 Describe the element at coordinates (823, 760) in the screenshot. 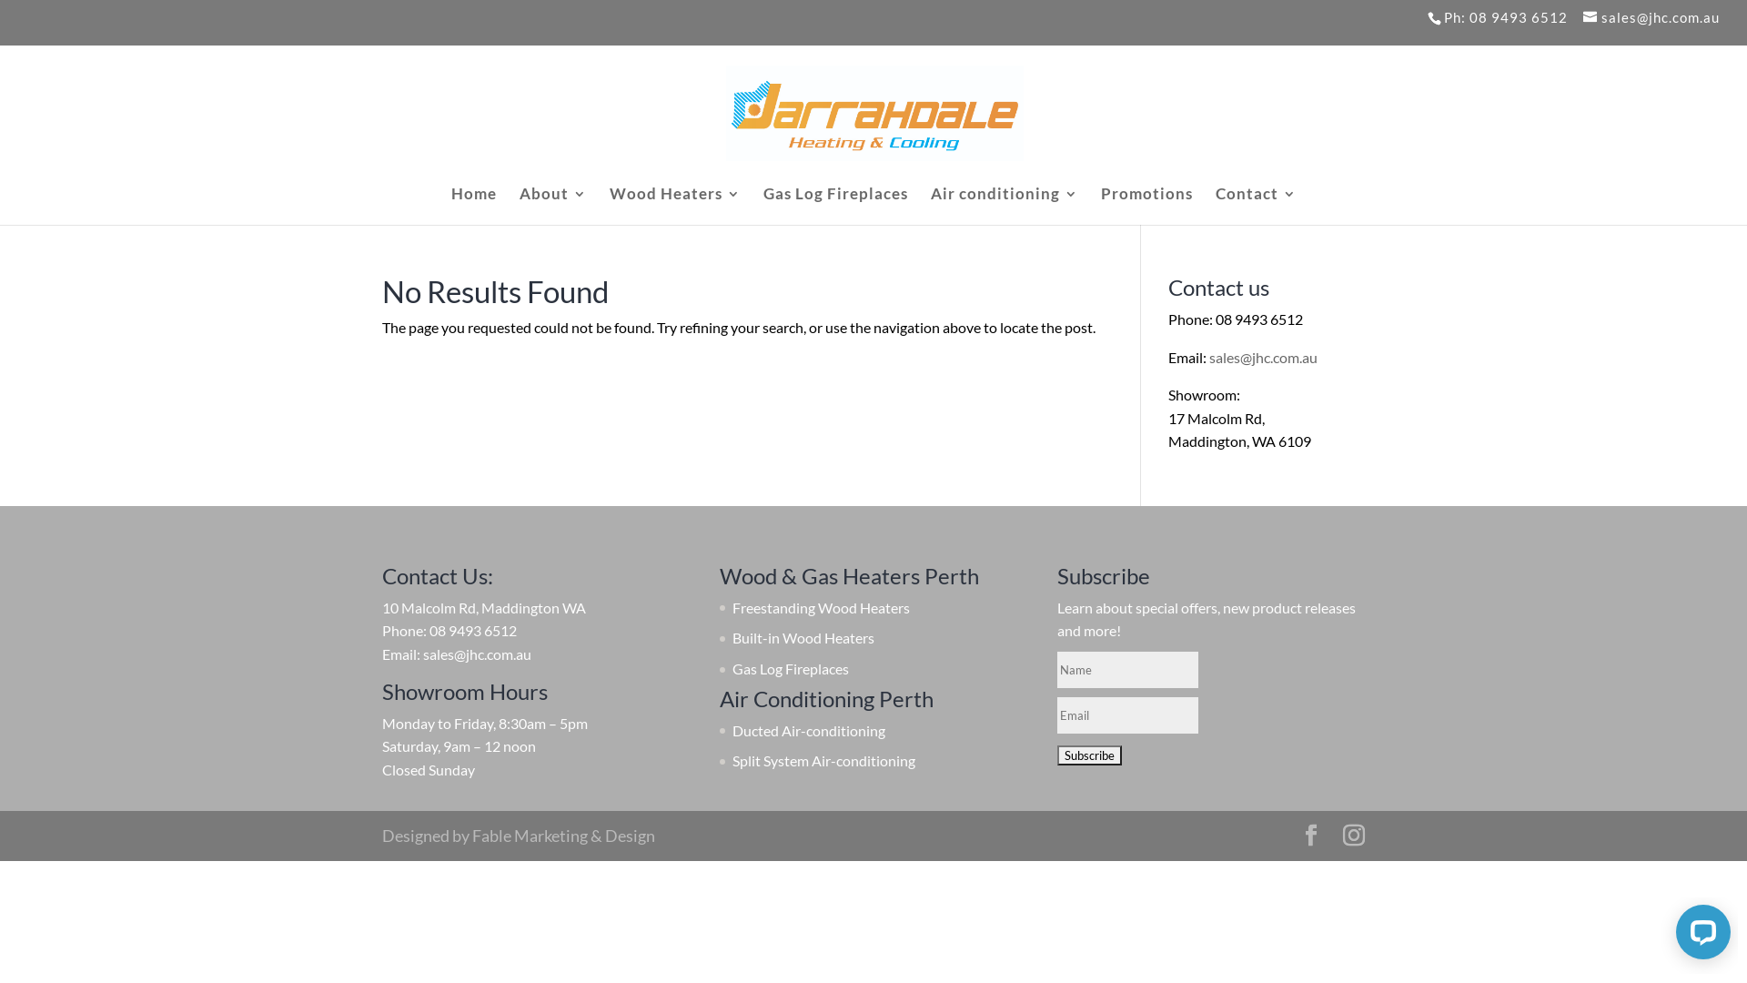

I see `'Split System Air-conditioning'` at that location.